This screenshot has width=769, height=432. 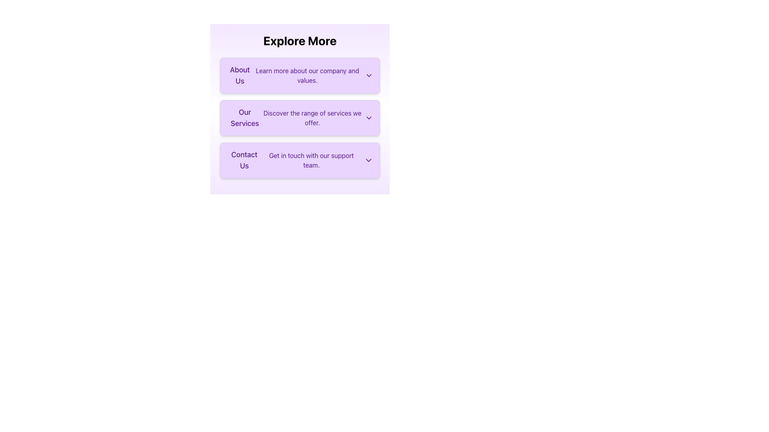 What do you see at coordinates (299, 76) in the screenshot?
I see `displayed text from the 'About Us' Interactive List Item, which features a light purple background, bold title, and a chevron icon indicating expandable content` at bounding box center [299, 76].